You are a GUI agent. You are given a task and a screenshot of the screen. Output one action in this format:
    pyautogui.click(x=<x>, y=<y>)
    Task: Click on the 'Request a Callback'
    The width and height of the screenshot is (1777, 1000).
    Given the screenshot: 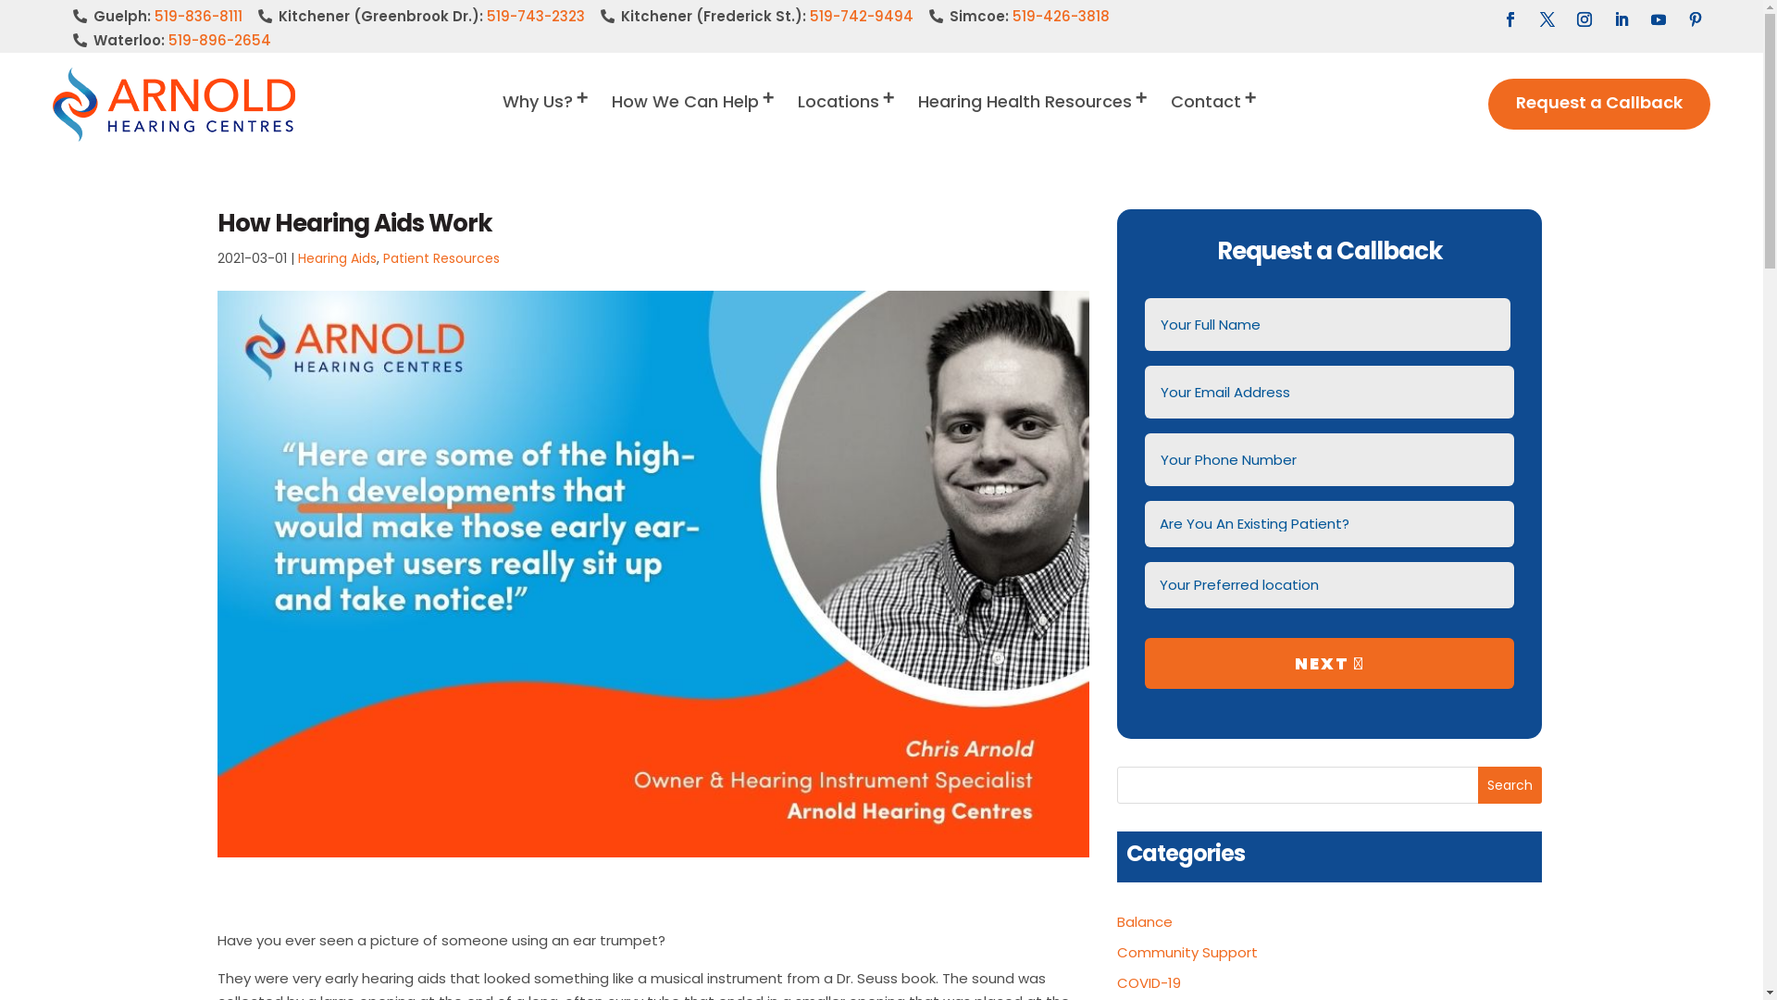 What is the action you would take?
    pyautogui.click(x=1598, y=104)
    